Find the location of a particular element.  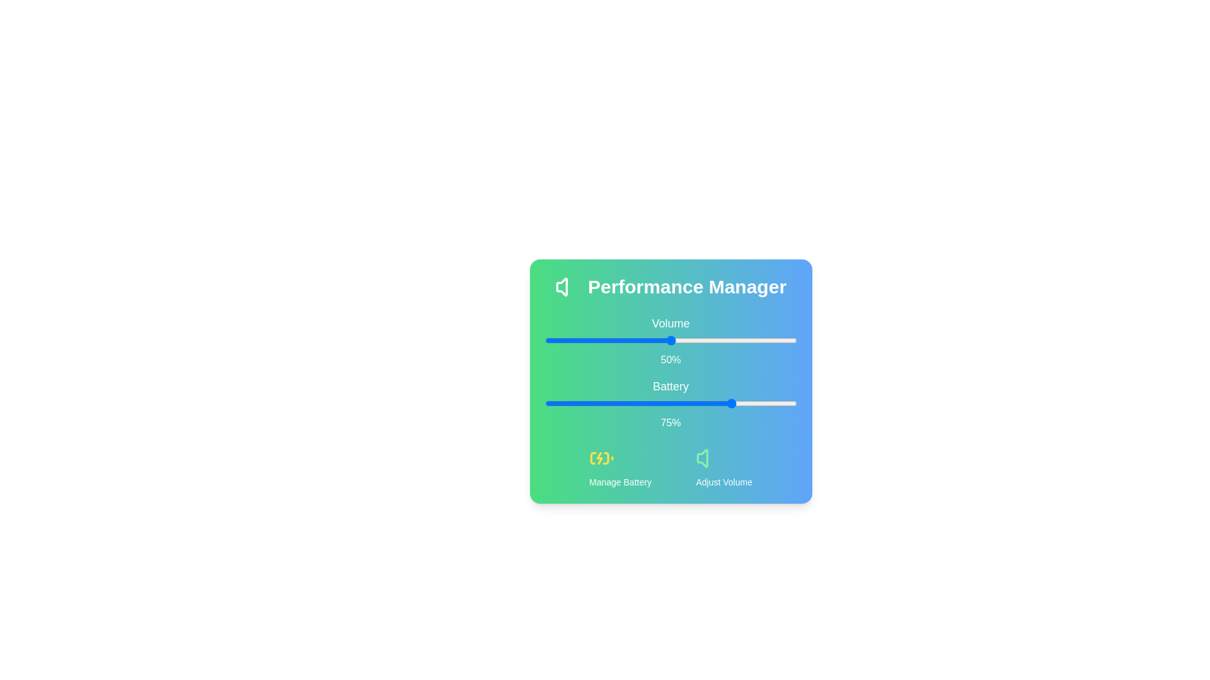

the battery level to 70% by interacting with the slider is located at coordinates (721, 403).